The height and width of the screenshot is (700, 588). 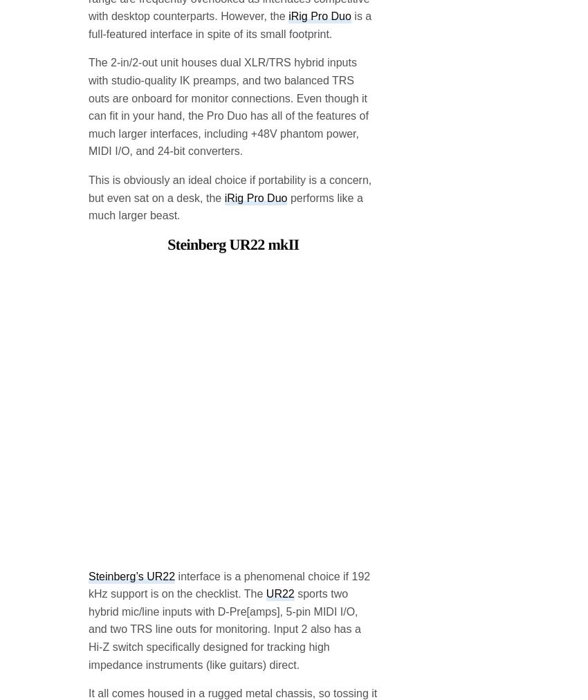 What do you see at coordinates (233, 132) in the screenshot?
I see `'Steinberg UR22 mkII'` at bounding box center [233, 132].